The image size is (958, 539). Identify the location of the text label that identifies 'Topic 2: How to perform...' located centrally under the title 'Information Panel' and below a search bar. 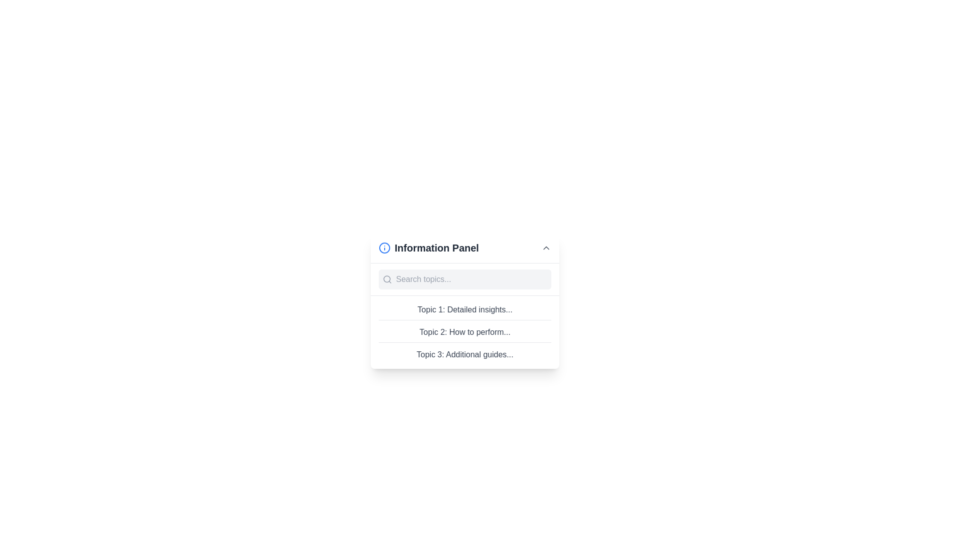
(464, 334).